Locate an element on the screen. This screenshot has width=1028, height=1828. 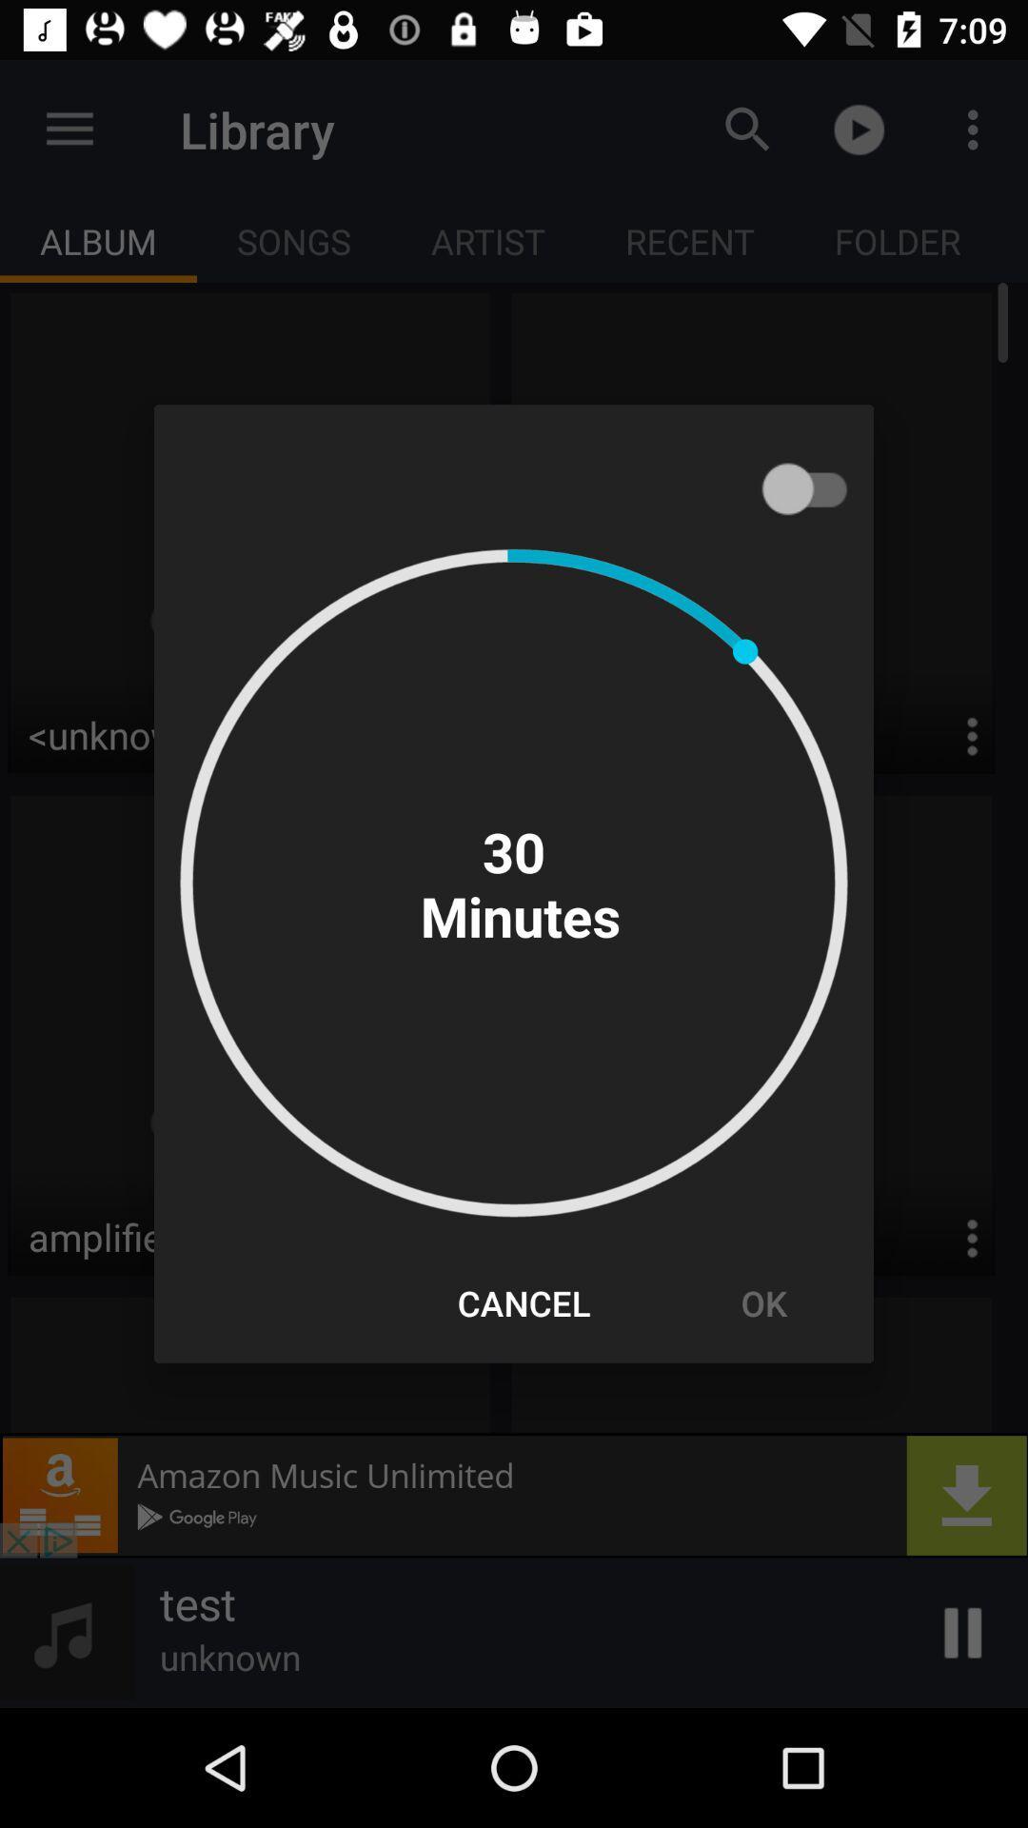
icon to the left of ok is located at coordinates (524, 1301).